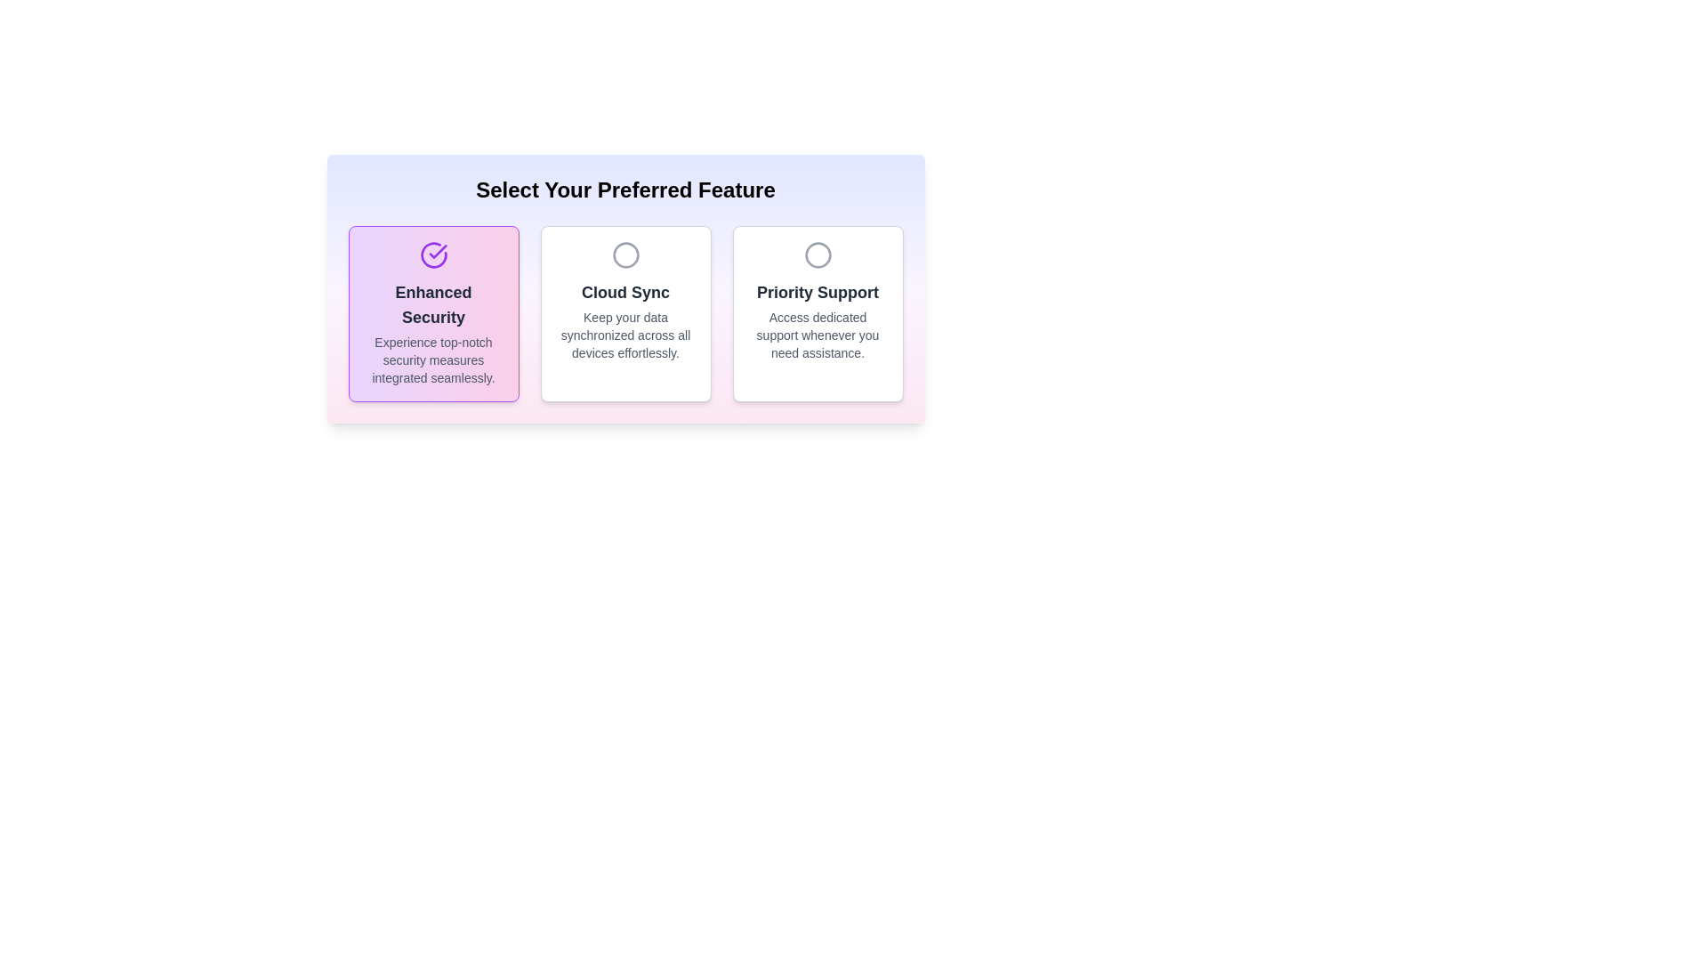  I want to click on the graphic icon for the 'Priority Support' feature, which is located in the last position among the three cards in the row, so click(817, 254).